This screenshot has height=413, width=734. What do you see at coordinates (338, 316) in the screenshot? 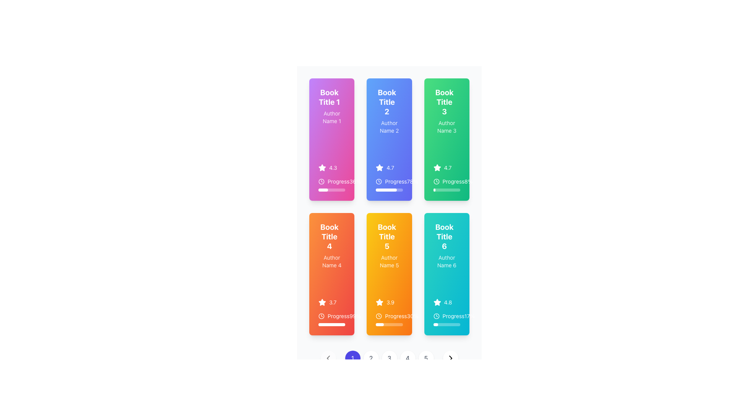
I see `text element displaying the word 'Progress' with a white font color on an orange background, located in the lower half of the 'Book Title 4' card` at bounding box center [338, 316].